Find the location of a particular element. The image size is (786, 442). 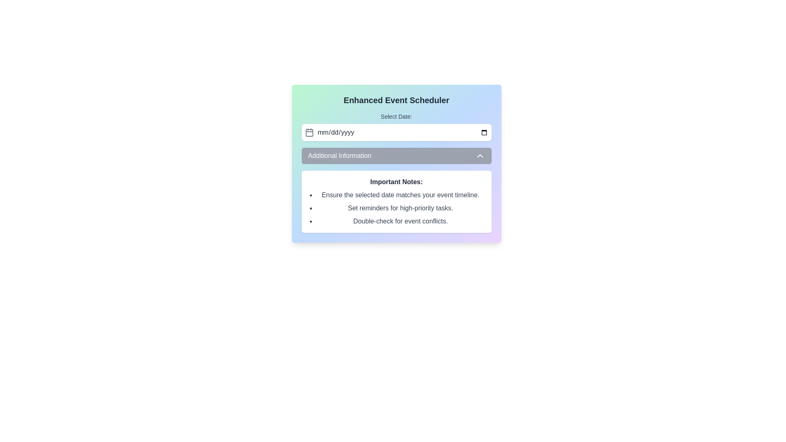

the guidance label text that suggests setting reminders for high-priority tasks, located centrally in the 'Important Notes' section of the bulleted list is located at coordinates (400, 208).